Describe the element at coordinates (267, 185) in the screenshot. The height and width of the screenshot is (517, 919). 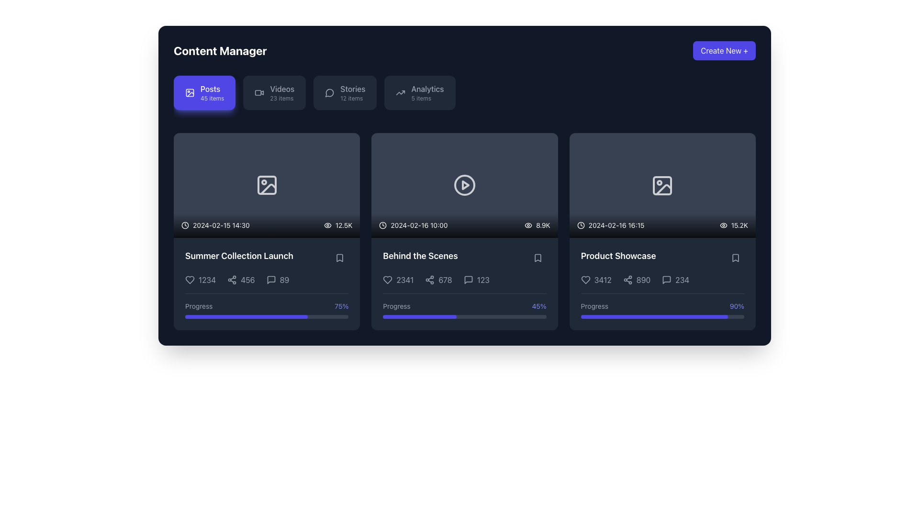
I see `the rectangular icon with rounded corners, filled with a dark blue-gray color, located in the top-left of the middle card within the 'Behind the Scenes' content card heading section` at that location.